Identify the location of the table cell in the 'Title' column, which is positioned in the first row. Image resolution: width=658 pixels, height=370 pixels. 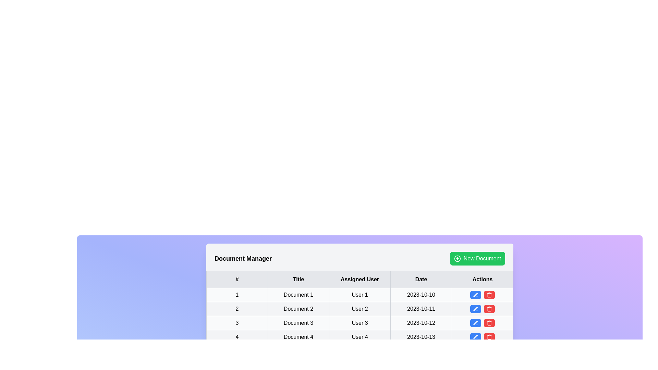
(298, 294).